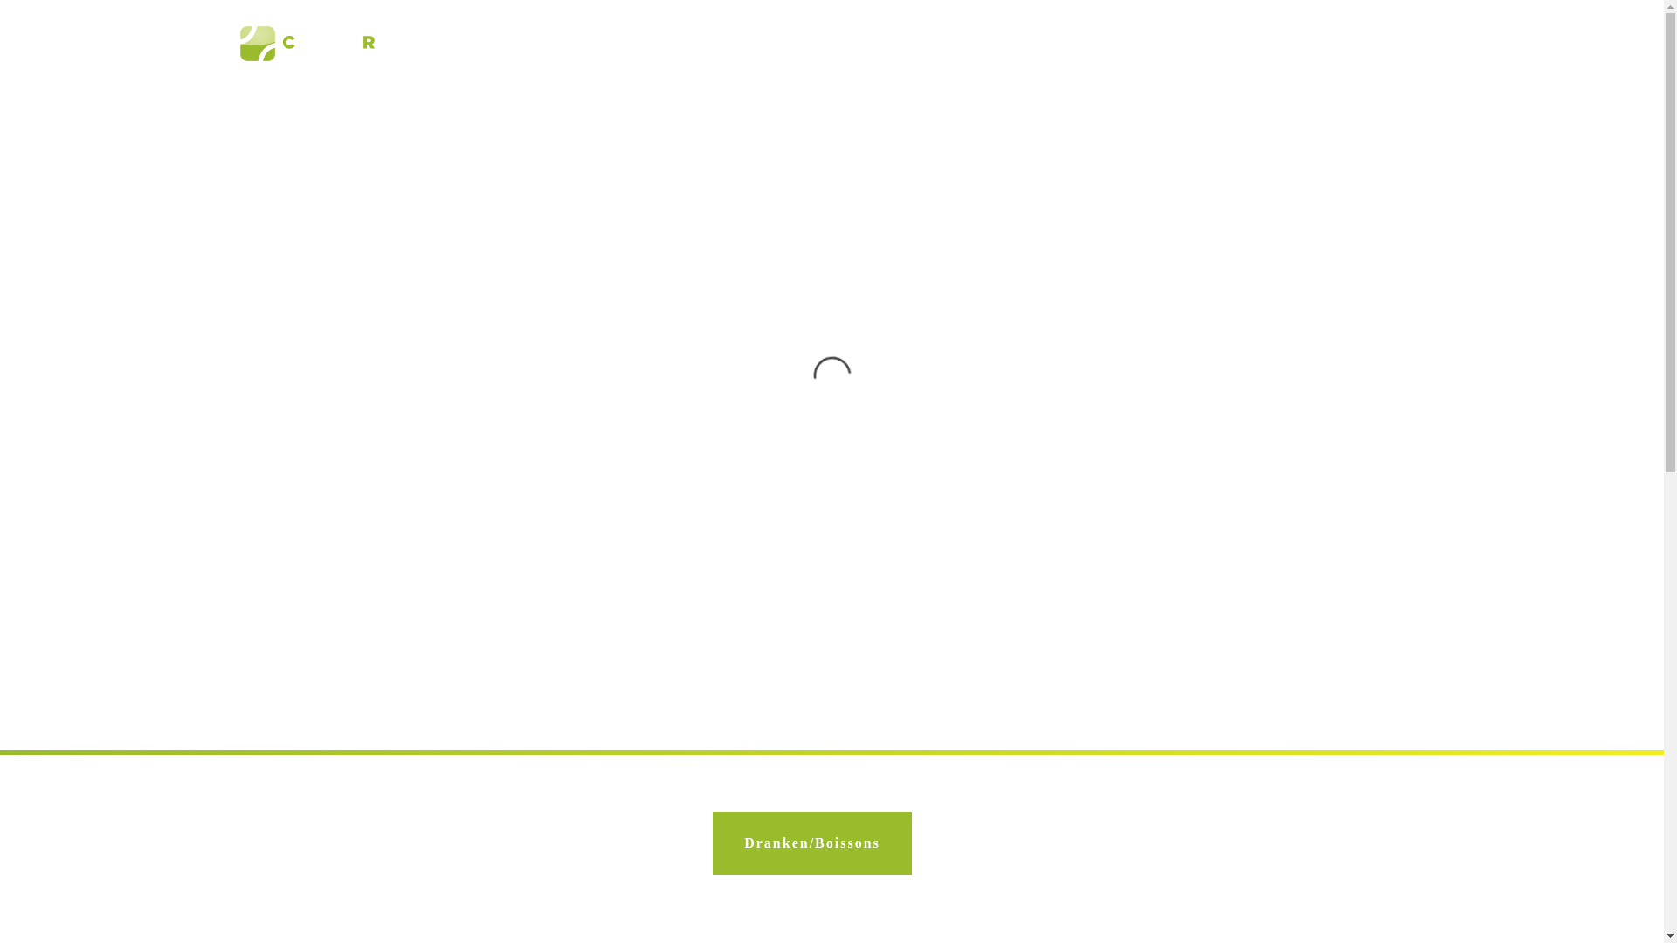  Describe the element at coordinates (334, 43) in the screenshot. I see `'Tennis, Padel'` at that location.